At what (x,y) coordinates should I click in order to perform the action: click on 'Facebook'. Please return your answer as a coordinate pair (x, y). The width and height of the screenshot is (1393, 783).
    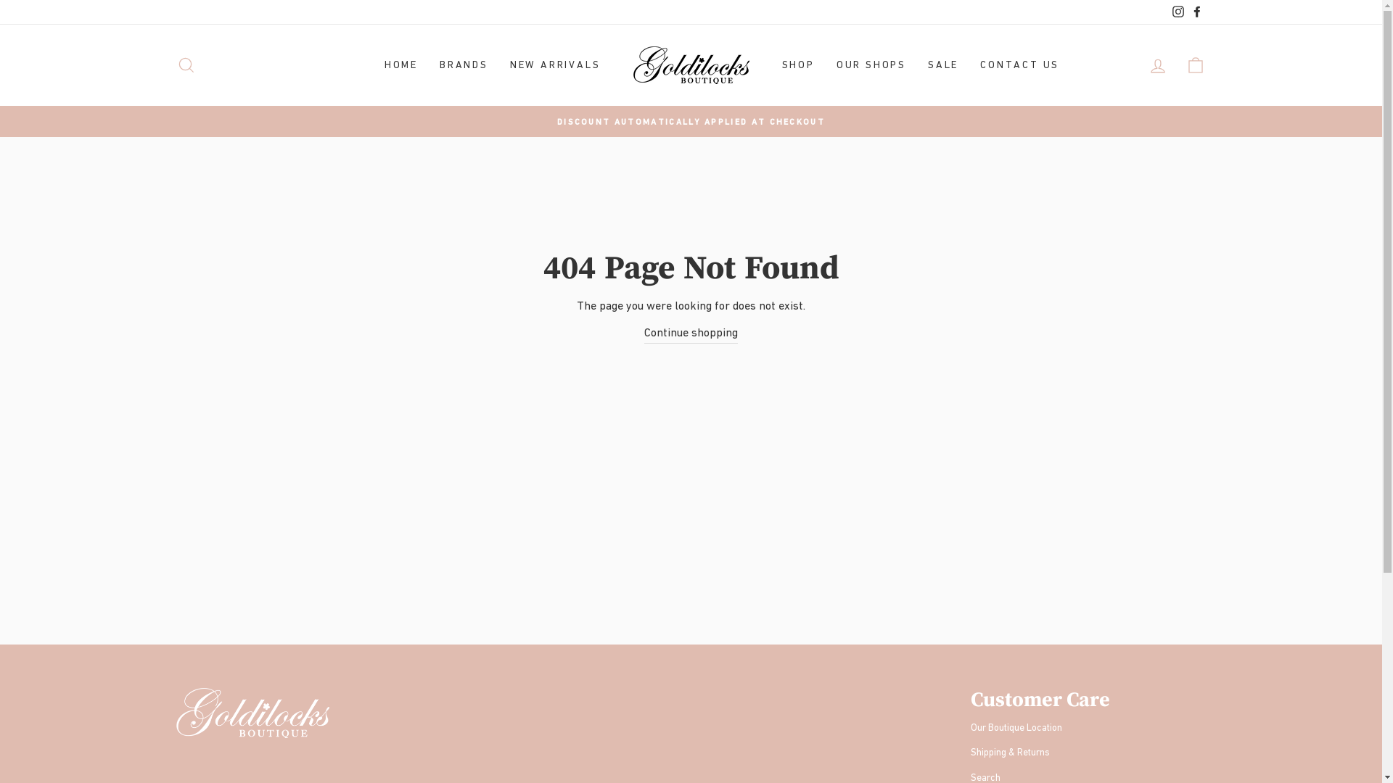
    Looking at the image, I should click on (1196, 12).